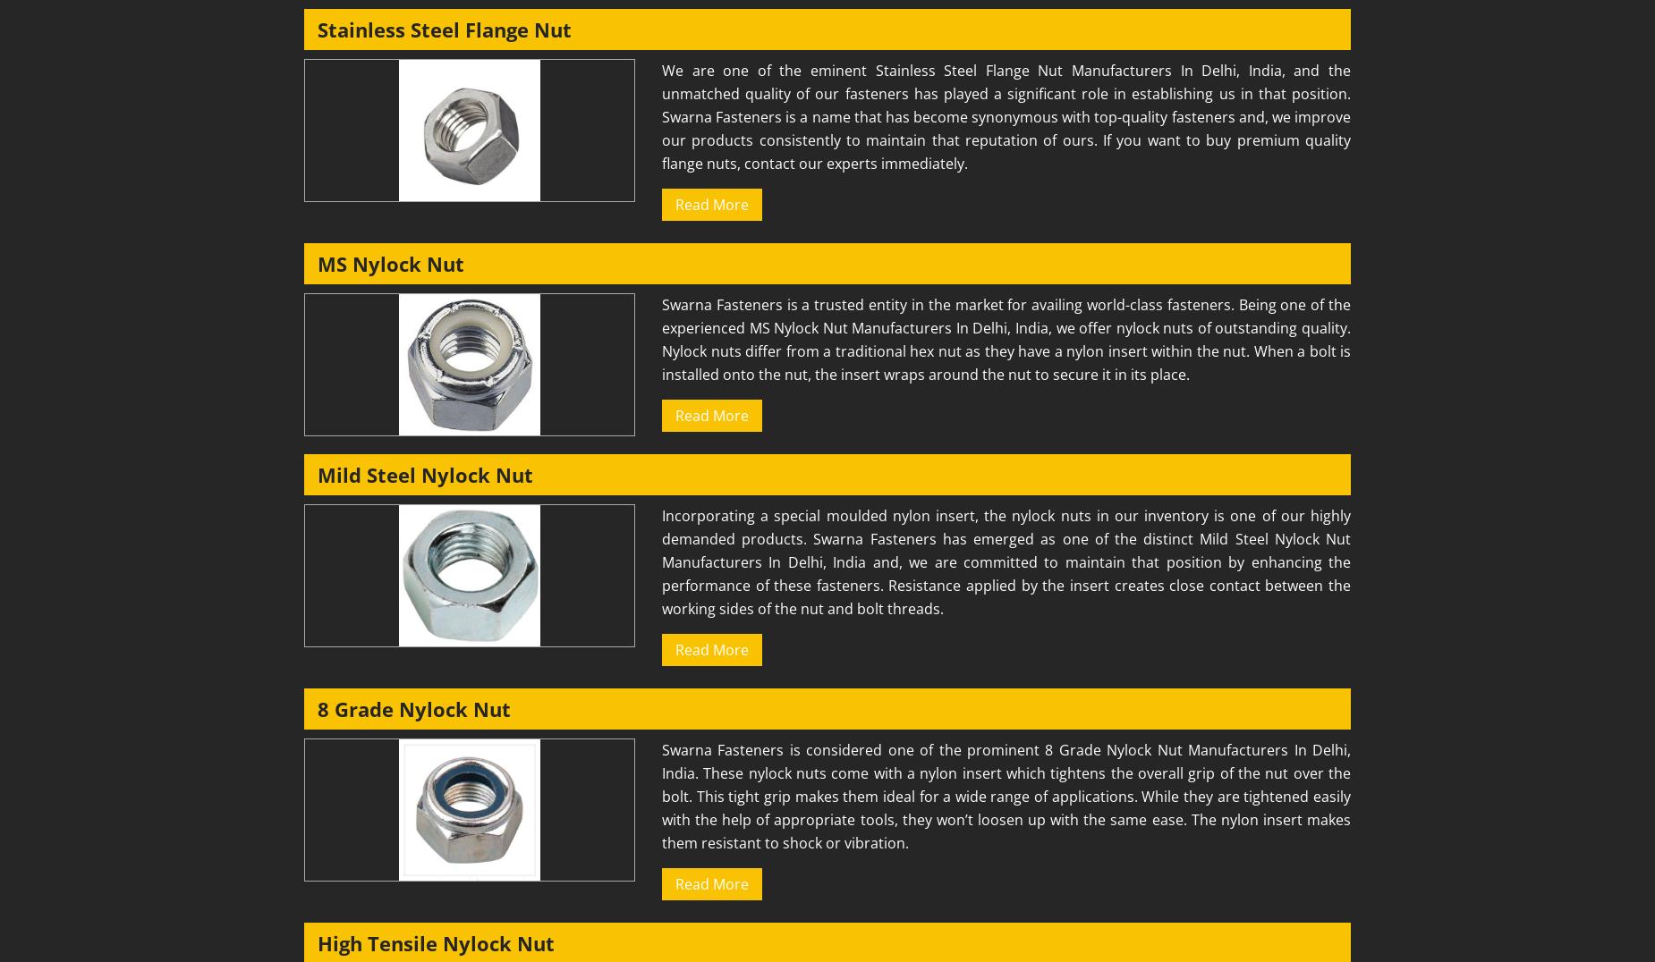  Describe the element at coordinates (662, 339) in the screenshot. I see `'Swarna Fasteners is a trusted entity in the market for availing world-class fasteners. Being one of the experienced MS Nylock Nut Manufacturers In Delhi, India, we offer nylock nuts of outstanding quality. Nylock nuts differ from a traditional hex nut as they have a nylon insert within the nut. When a bolt is installed onto the nut, the insert wraps around the nut to secure it in its place.'` at that location.